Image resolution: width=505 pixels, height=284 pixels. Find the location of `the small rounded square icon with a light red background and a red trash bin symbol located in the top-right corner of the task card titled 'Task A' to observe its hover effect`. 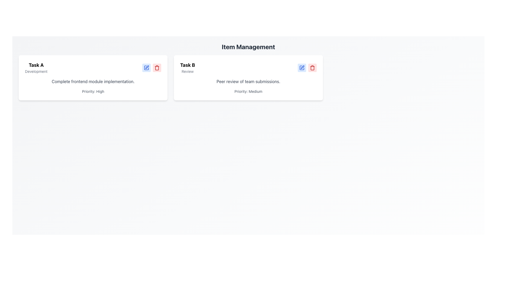

the small rounded square icon with a light red background and a red trash bin symbol located in the top-right corner of the task card titled 'Task A' to observe its hover effect is located at coordinates (157, 68).